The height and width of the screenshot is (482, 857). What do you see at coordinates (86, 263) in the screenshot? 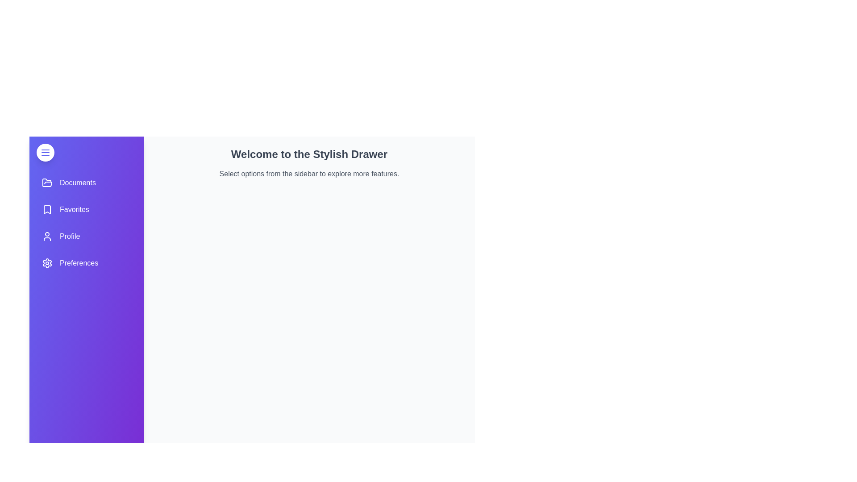
I see `the menu item Preferences from the sidebar` at bounding box center [86, 263].